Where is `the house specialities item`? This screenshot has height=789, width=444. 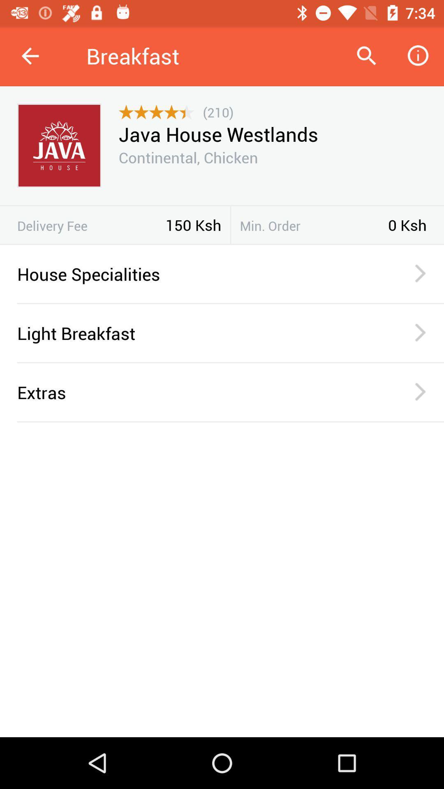
the house specialities item is located at coordinates (198, 274).